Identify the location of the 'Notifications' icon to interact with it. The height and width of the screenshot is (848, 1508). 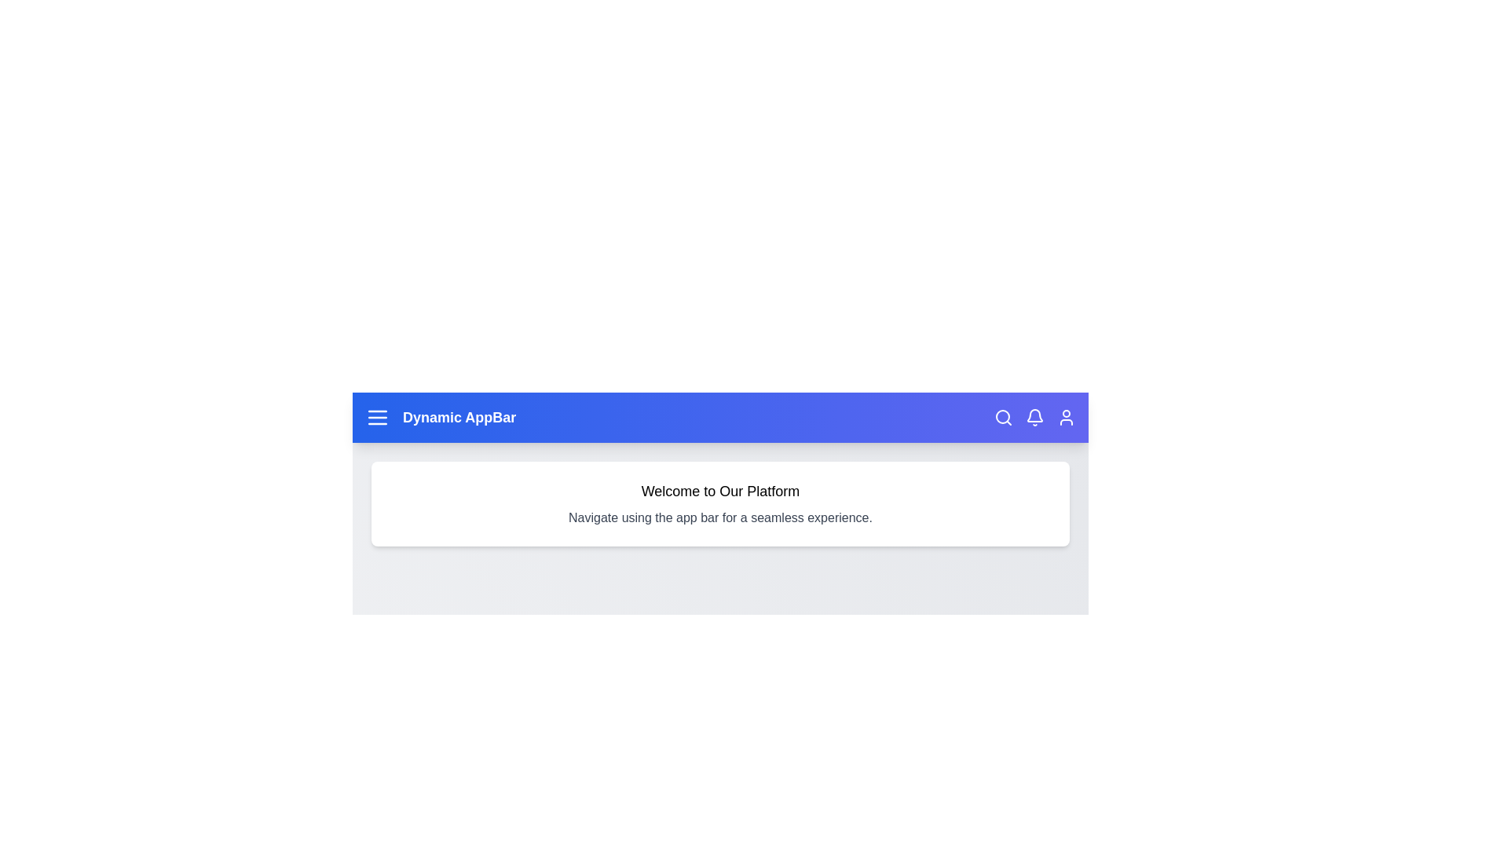
(1035, 417).